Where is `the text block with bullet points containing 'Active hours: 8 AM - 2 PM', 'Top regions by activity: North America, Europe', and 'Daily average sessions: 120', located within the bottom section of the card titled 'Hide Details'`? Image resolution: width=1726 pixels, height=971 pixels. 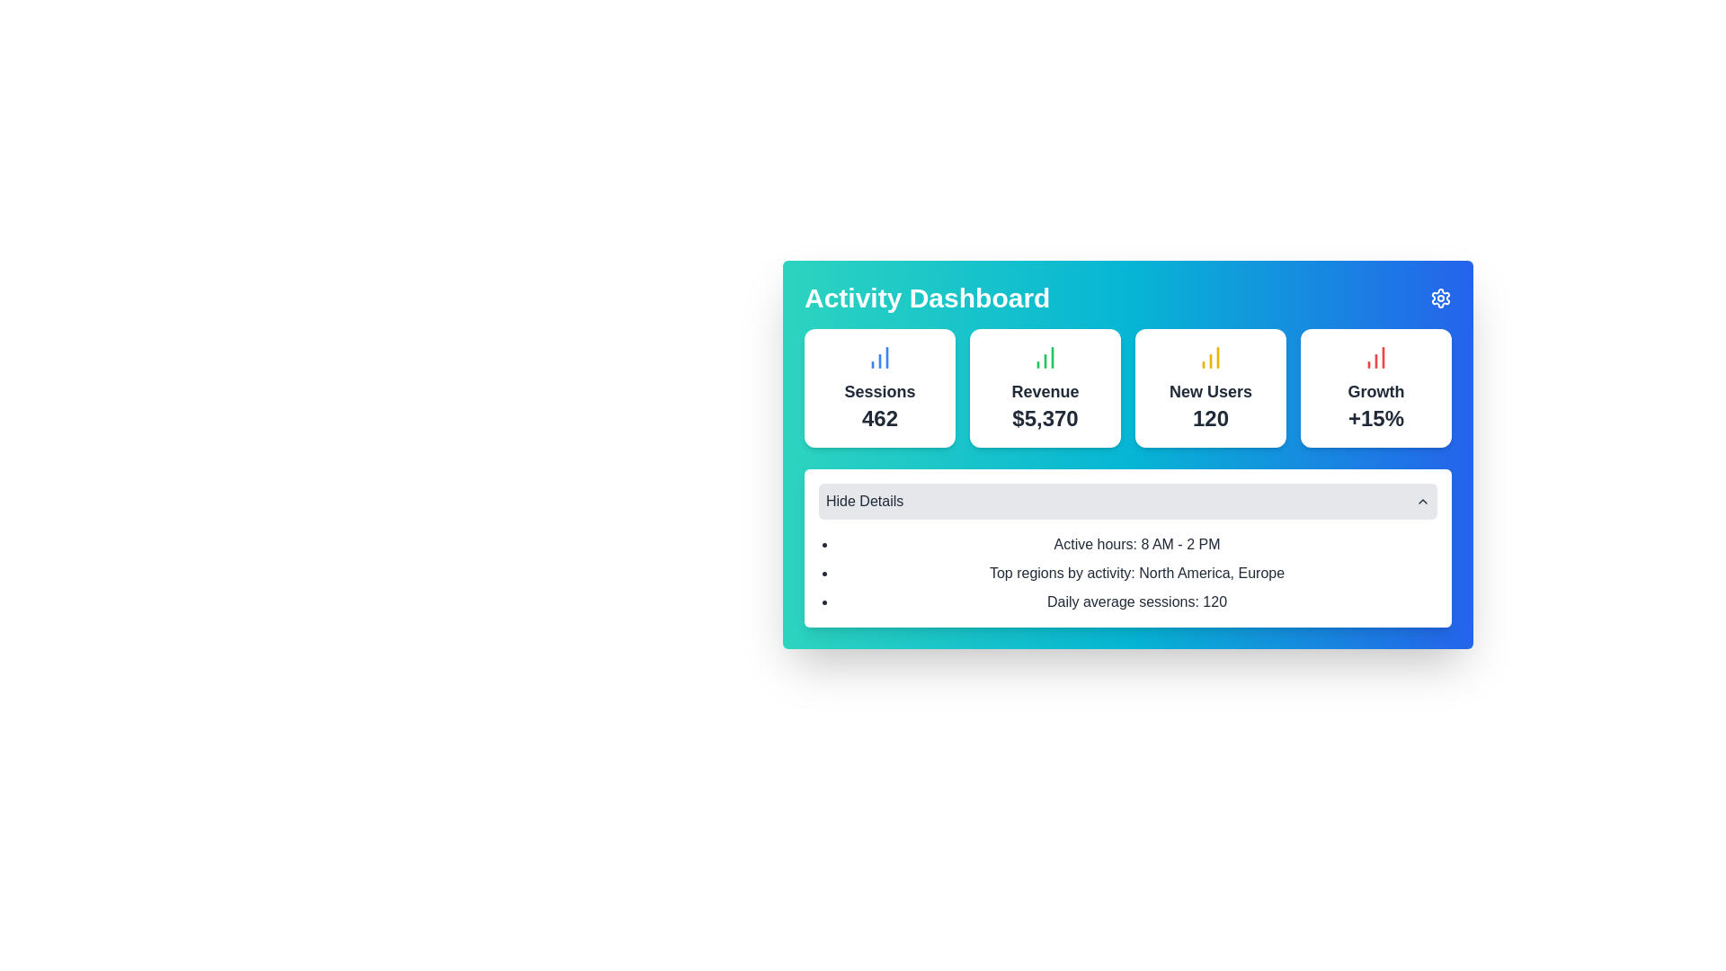 the text block with bullet points containing 'Active hours: 8 AM - 2 PM', 'Top regions by activity: North America, Europe', and 'Daily average sessions: 120', located within the bottom section of the card titled 'Hide Details' is located at coordinates (1126, 573).